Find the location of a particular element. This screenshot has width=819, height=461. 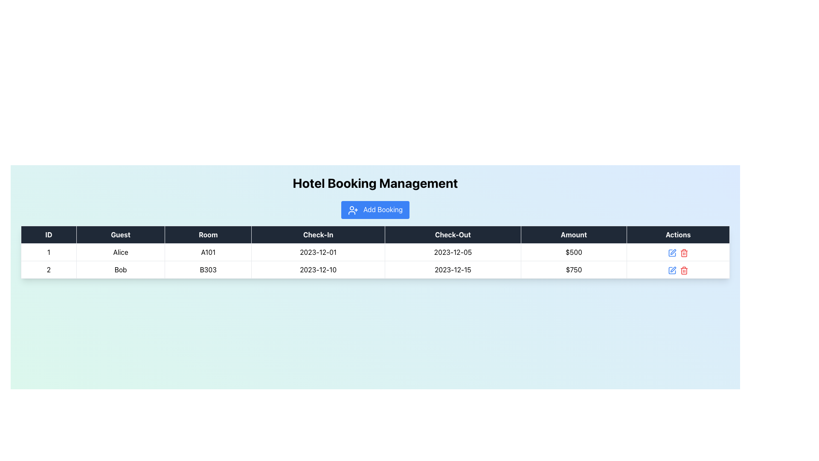

the 'Guest' table header, which is the second header in a row of tabular headers, characterized by bold white text on a dark blue background is located at coordinates (120, 234).